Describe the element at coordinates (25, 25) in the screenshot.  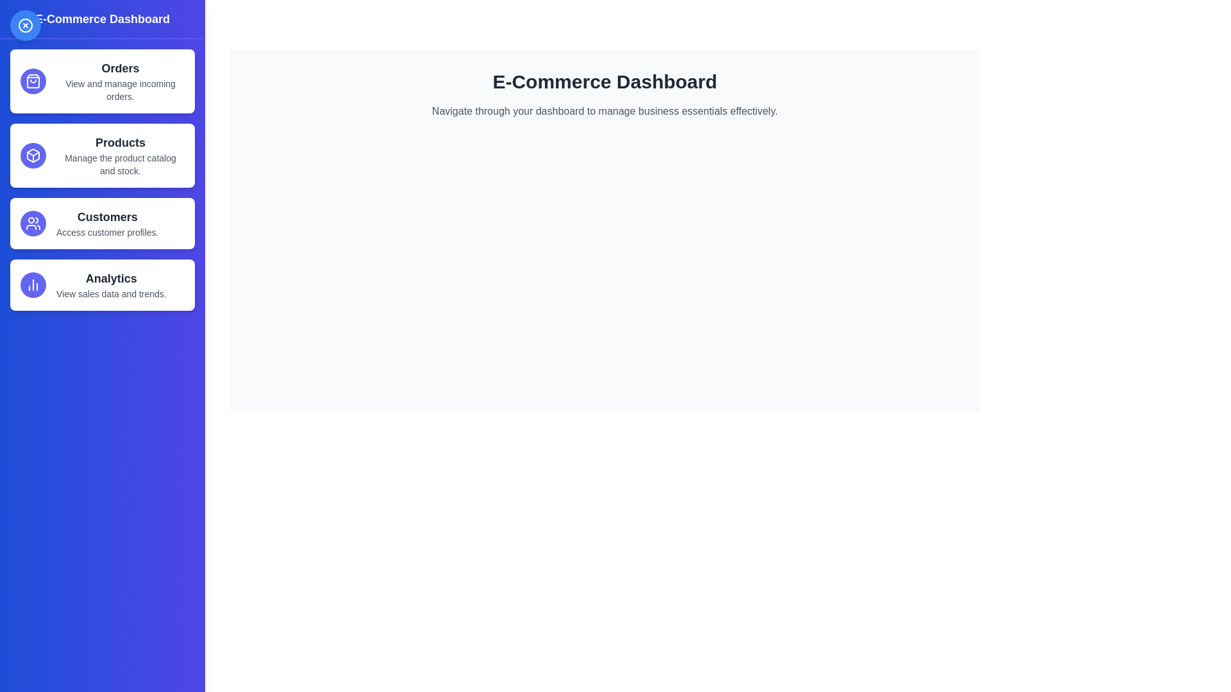
I see `toggle button to change the drawer's visibility` at that location.